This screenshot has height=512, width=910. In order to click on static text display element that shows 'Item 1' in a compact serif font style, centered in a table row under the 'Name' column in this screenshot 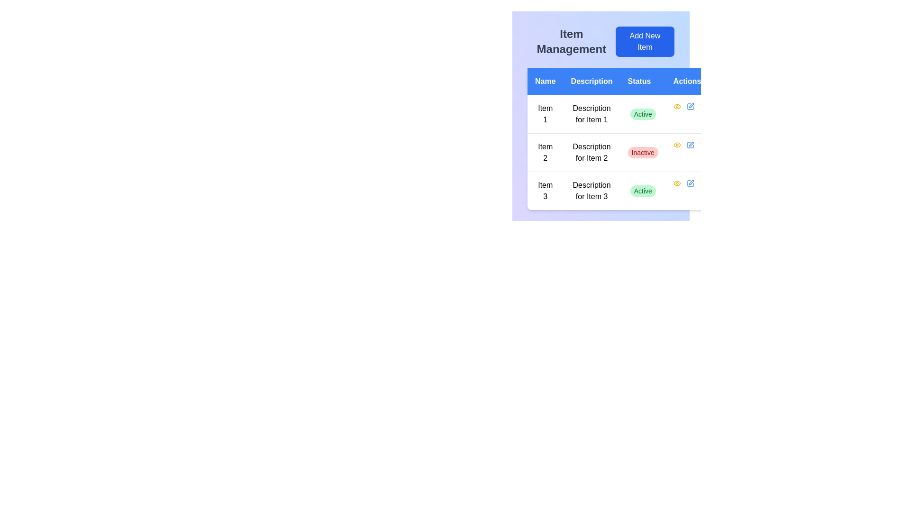, I will do `click(545, 113)`.